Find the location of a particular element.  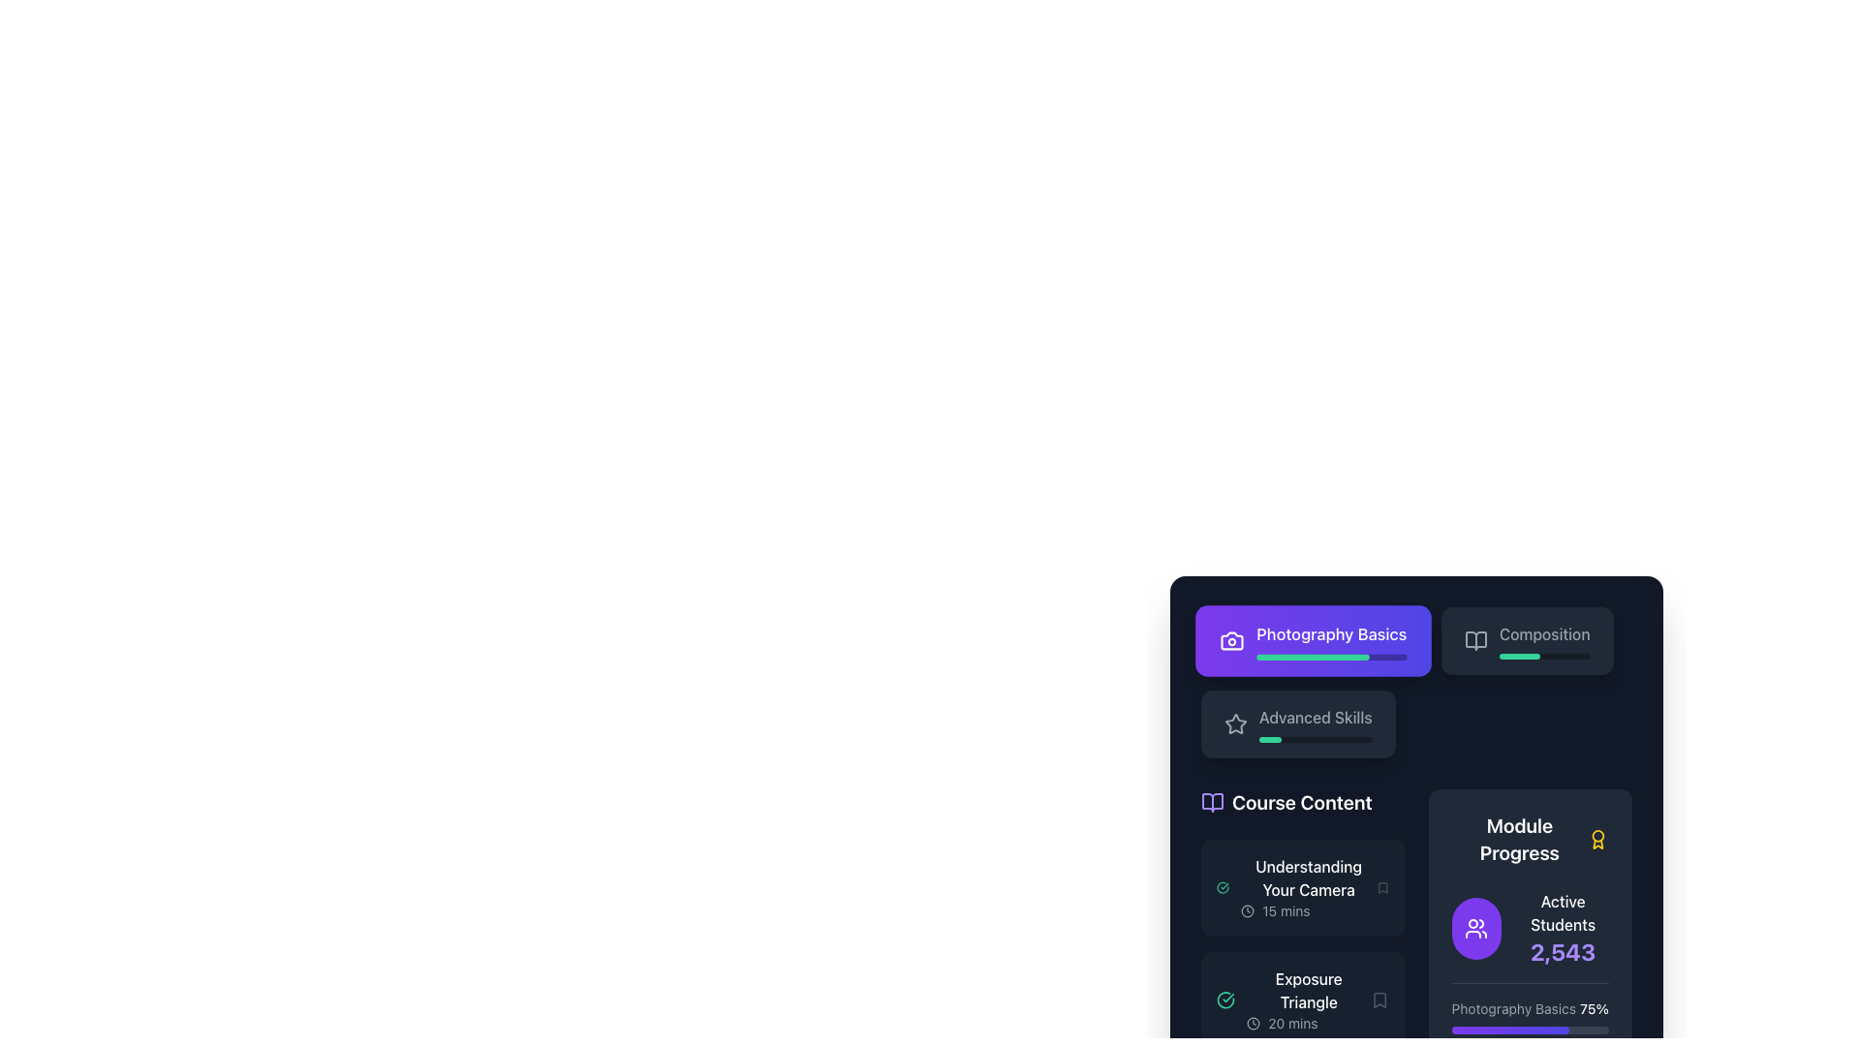

the 'Exposure Triangle' text block with an inline clock icon is located at coordinates (1309, 1000).